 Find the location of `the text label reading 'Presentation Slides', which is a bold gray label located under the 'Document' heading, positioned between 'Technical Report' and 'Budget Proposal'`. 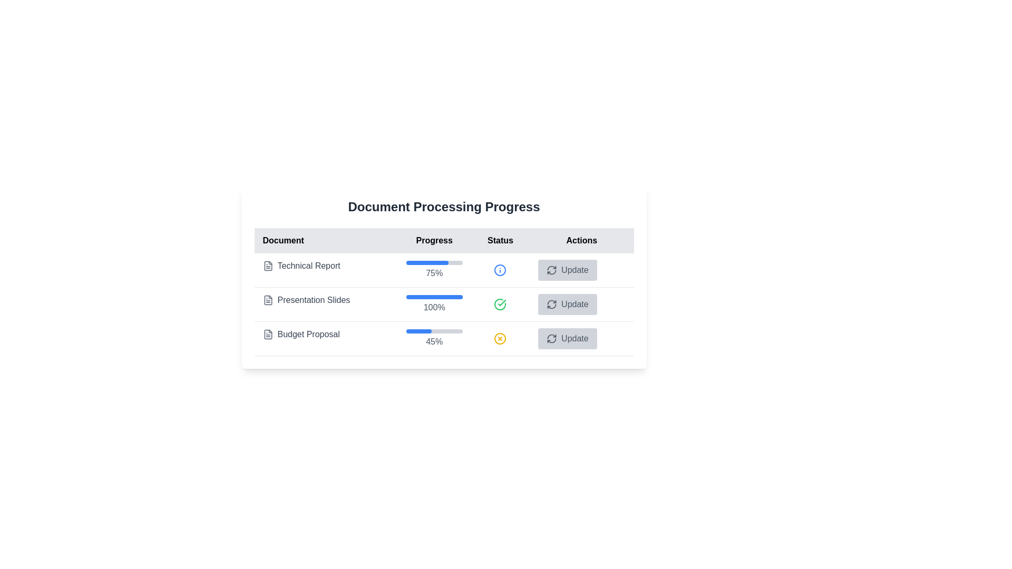

the text label reading 'Presentation Slides', which is a bold gray label located under the 'Document' heading, positioned between 'Technical Report' and 'Budget Proposal' is located at coordinates (313, 300).